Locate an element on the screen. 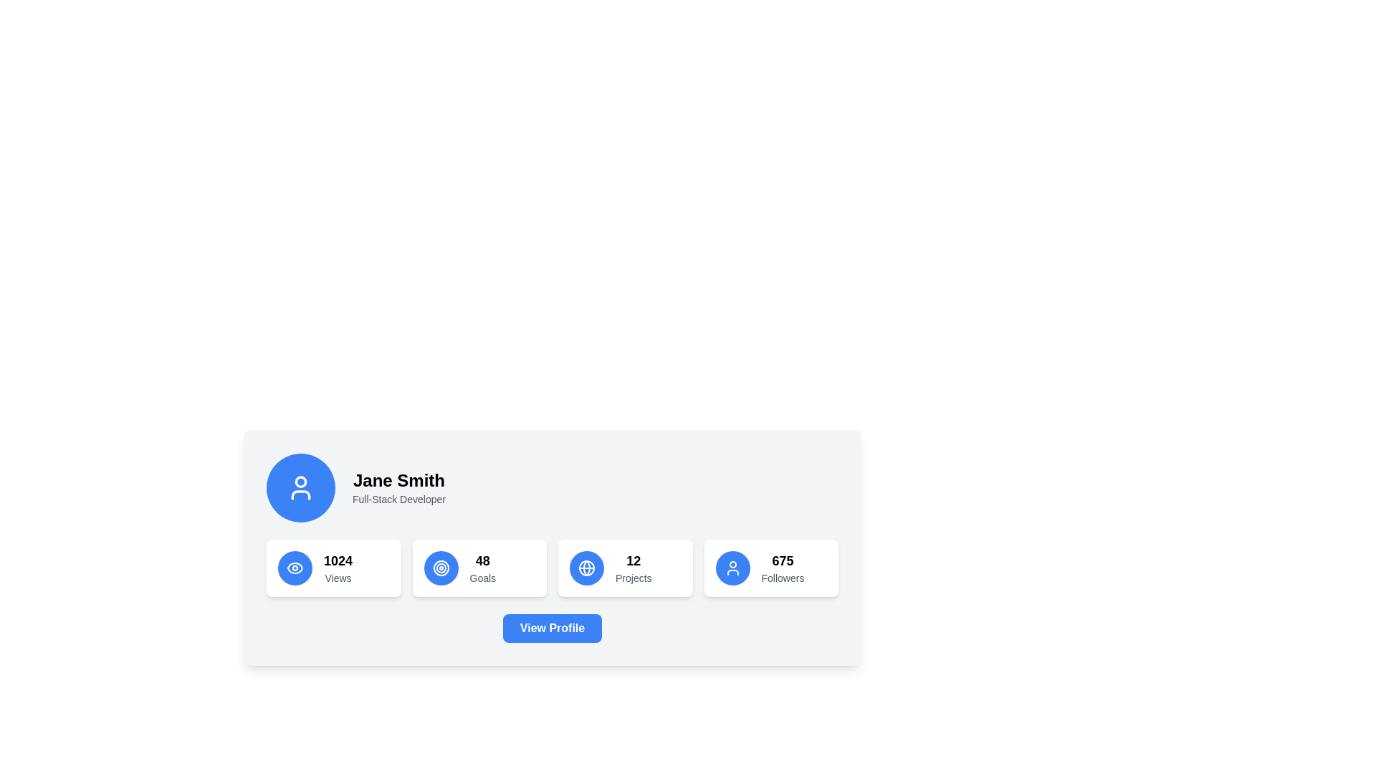  the Statistical Display showing the number of 'Goals' located in the profile section, positioned between the '1024 Views' card and the '12 Projects' card is located at coordinates (482, 568).